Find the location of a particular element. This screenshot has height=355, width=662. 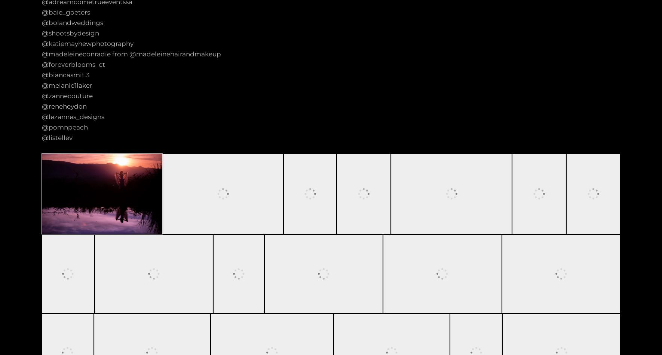

'@melanie1laker' is located at coordinates (67, 85).